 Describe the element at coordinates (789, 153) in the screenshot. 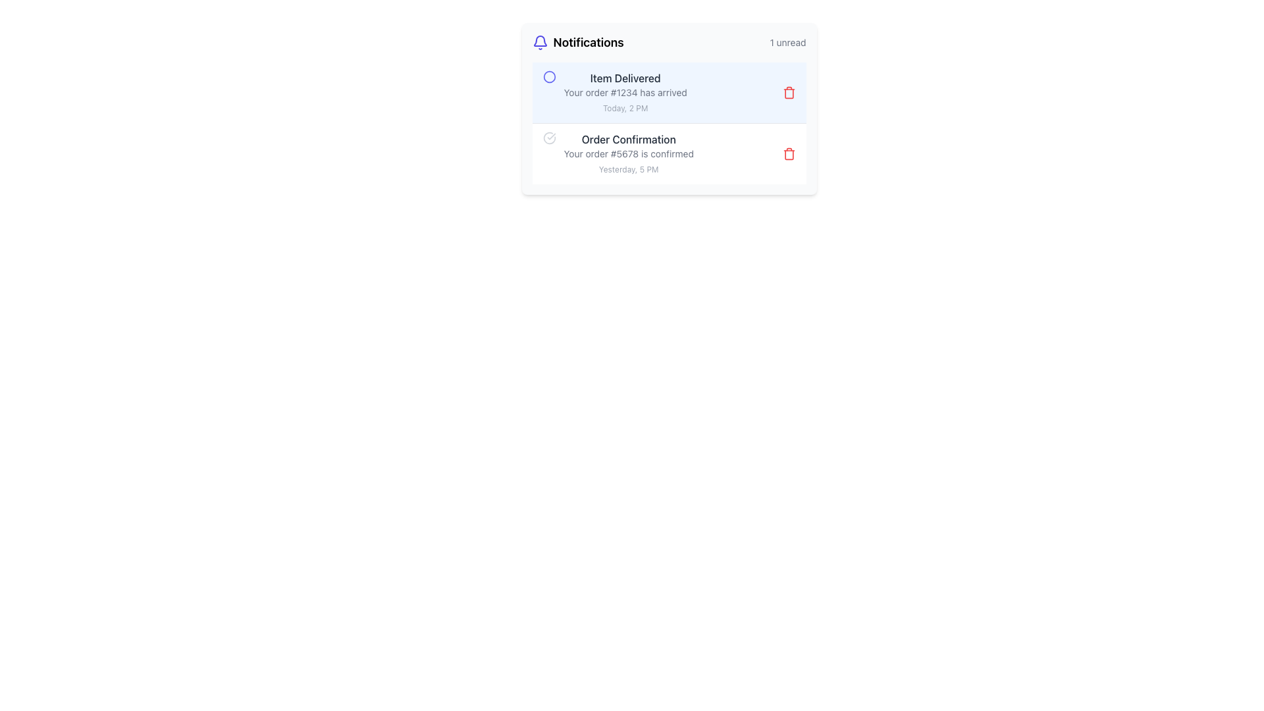

I see `the interactive delete button located at the bottom right of the notification entry for 'Order Confirmation Your order #5678 is confirmed Yesterday, 5 PM'` at that location.